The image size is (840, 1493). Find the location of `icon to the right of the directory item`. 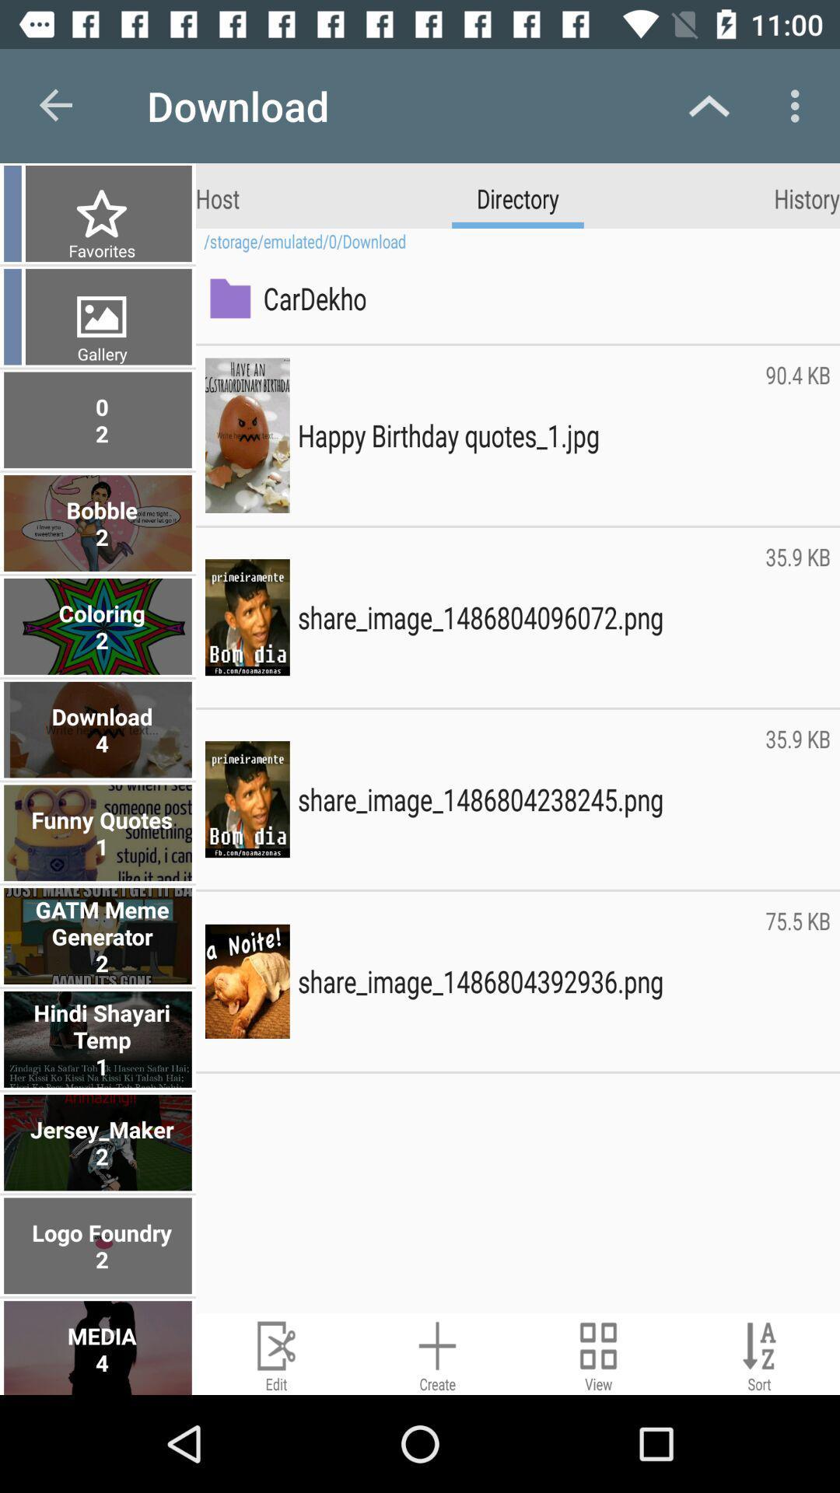

icon to the right of the directory item is located at coordinates (806, 197).